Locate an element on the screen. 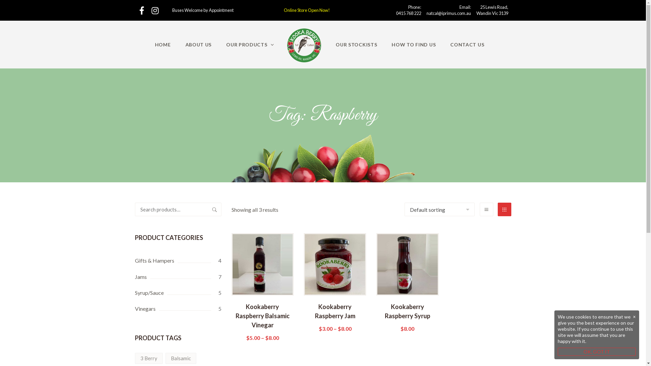 This screenshot has width=651, height=366. 'natcal@iprimus.com.au' is located at coordinates (449, 13).